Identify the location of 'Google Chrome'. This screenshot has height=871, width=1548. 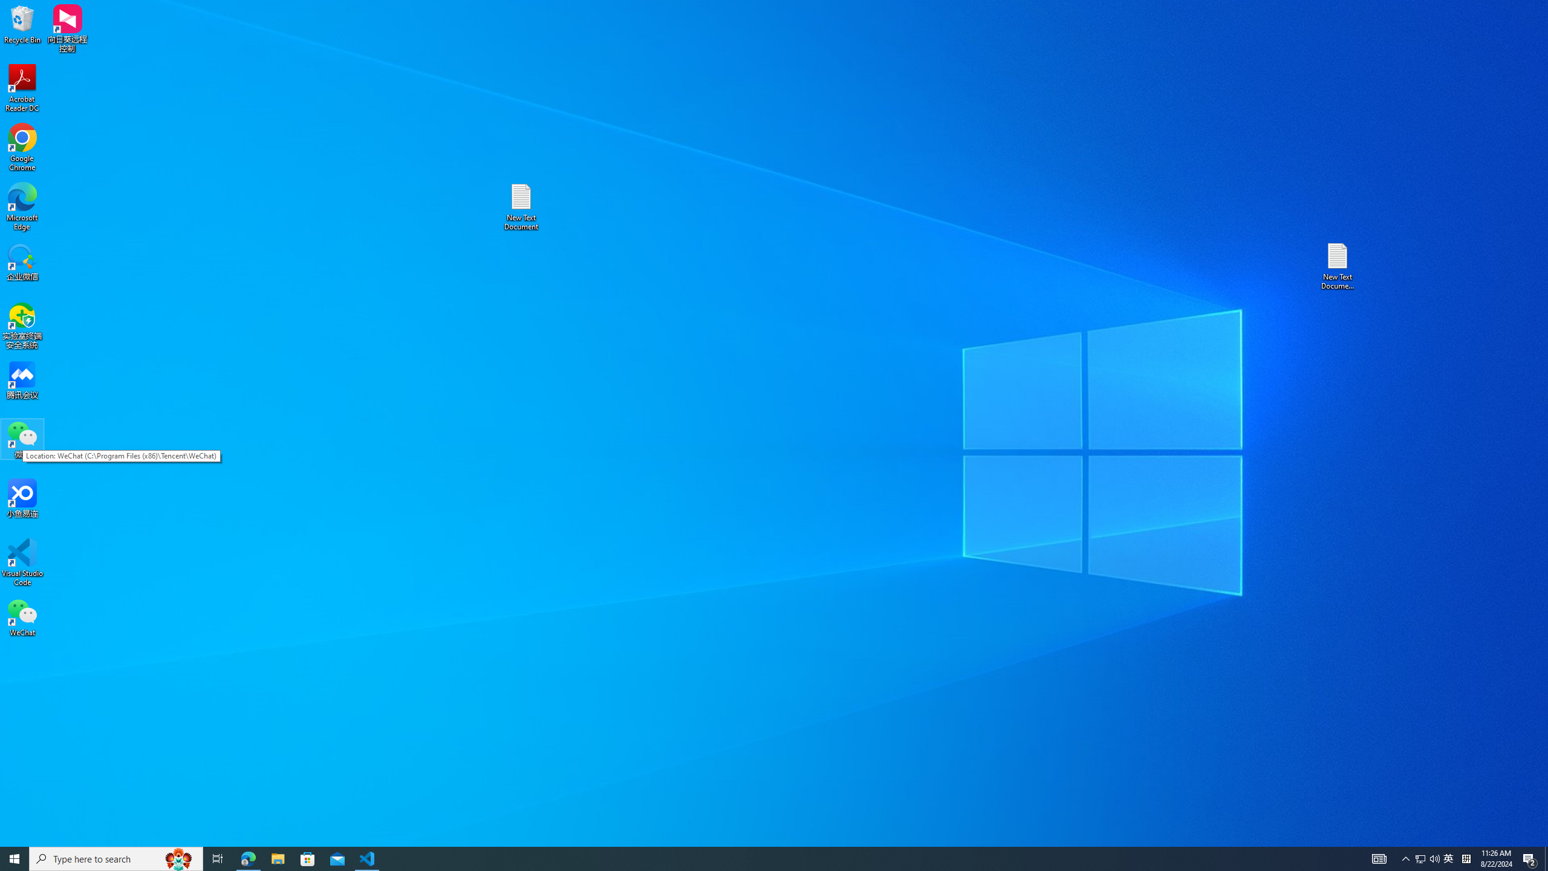
(22, 148).